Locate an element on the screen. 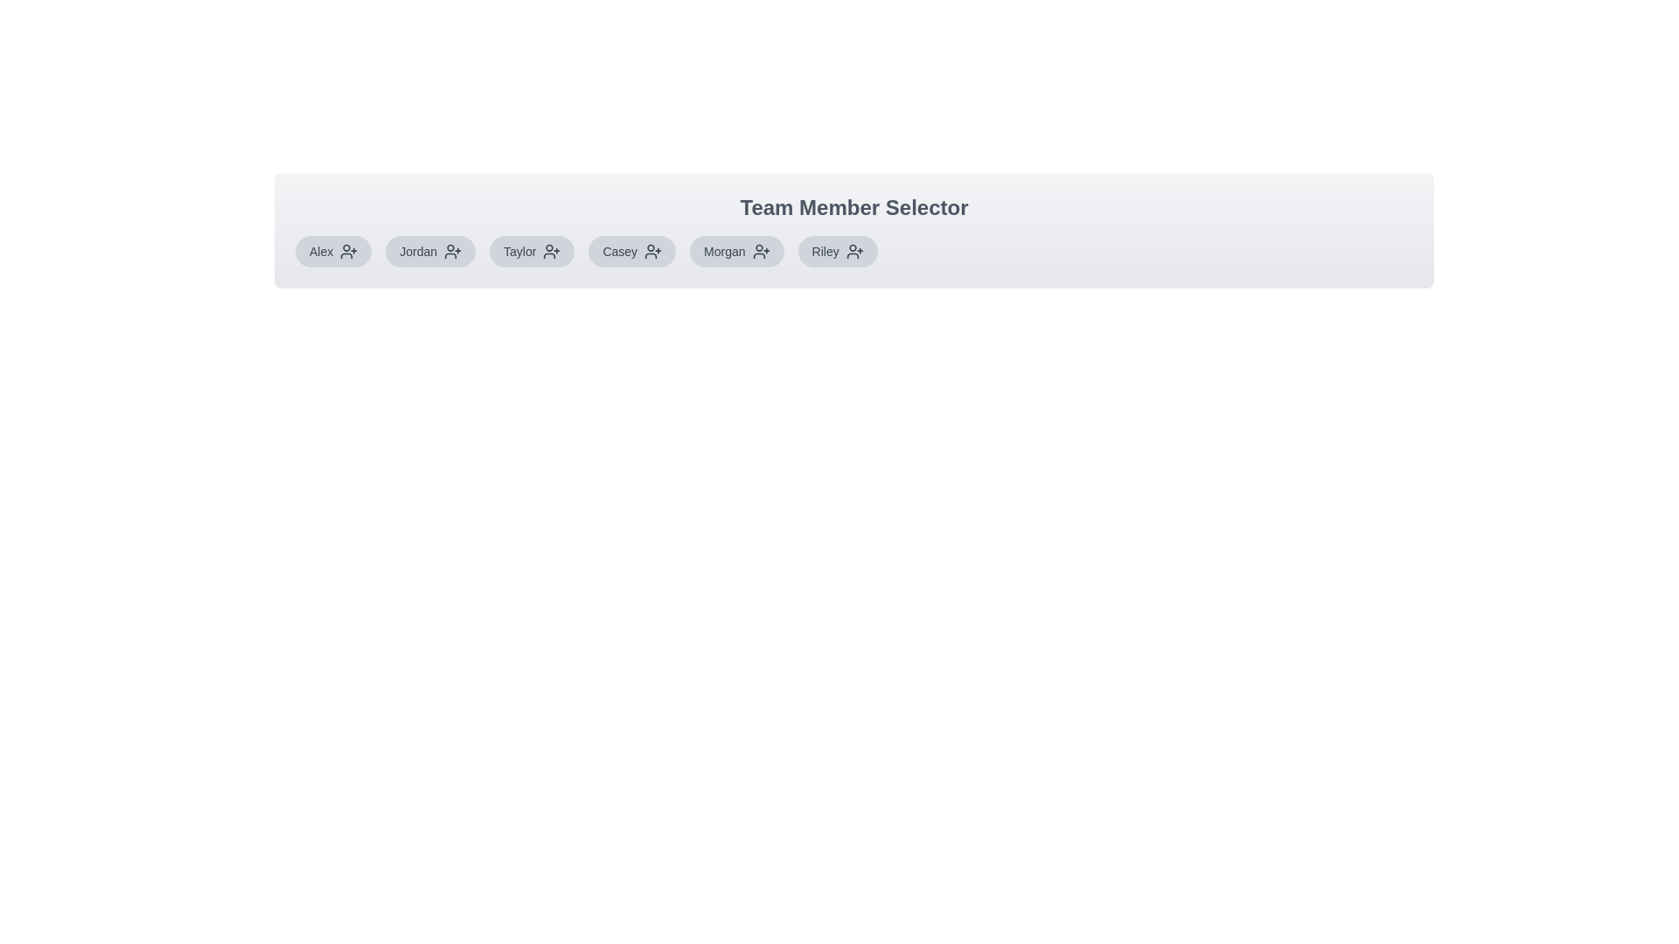  the team member Jordan to observe hover styles is located at coordinates (429, 252).